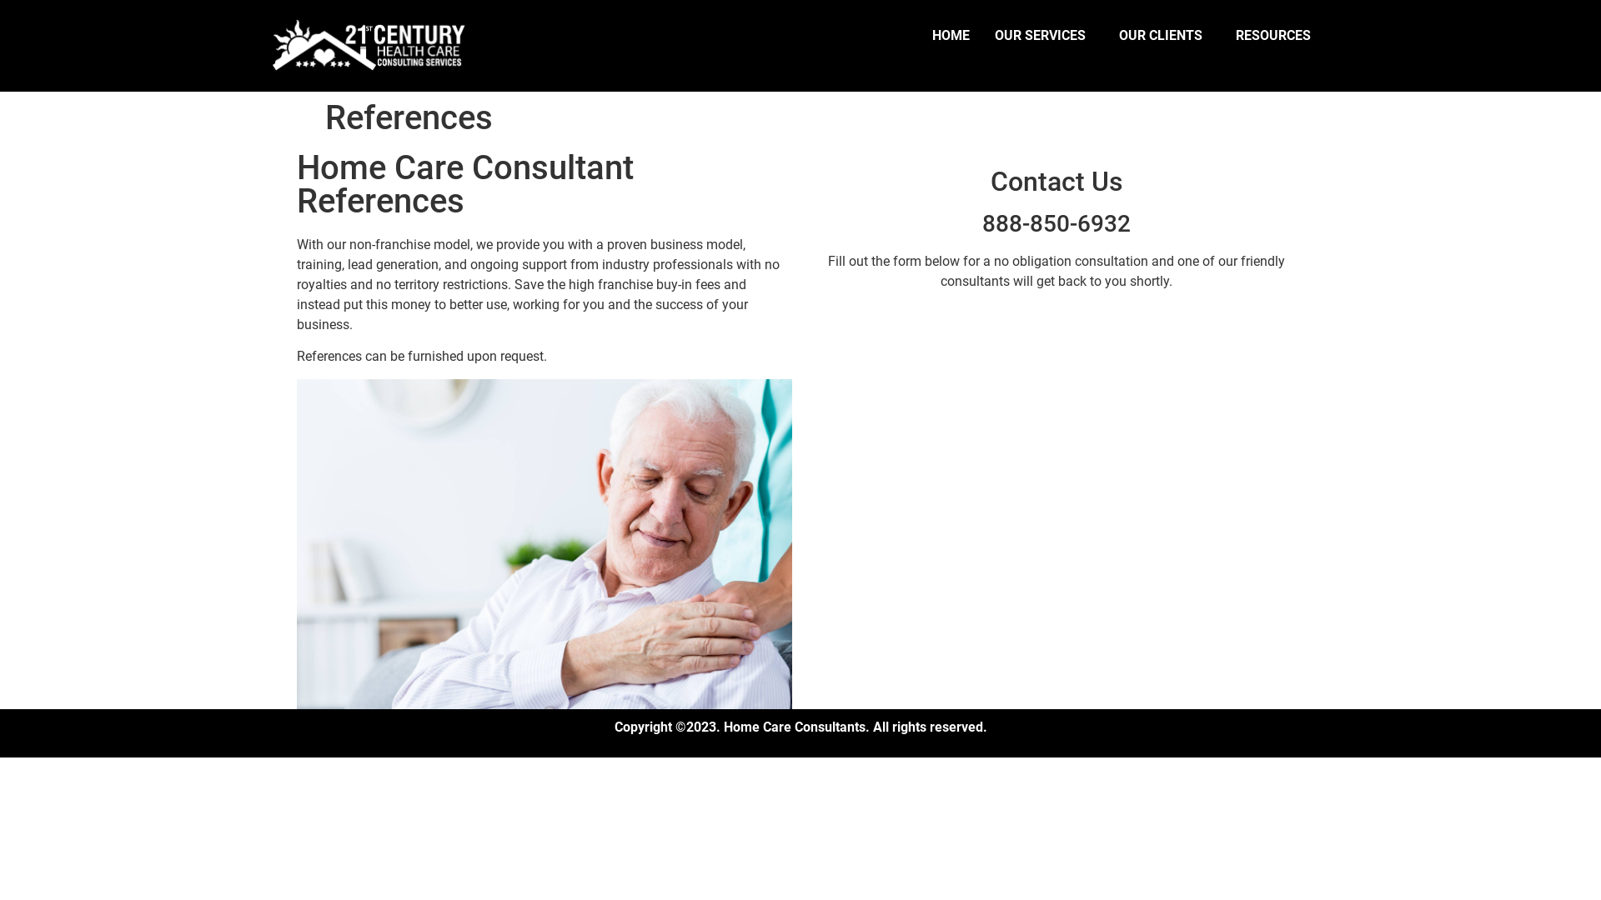 Image resolution: width=1601 pixels, height=900 pixels. I want to click on 'HOME', so click(951, 35).